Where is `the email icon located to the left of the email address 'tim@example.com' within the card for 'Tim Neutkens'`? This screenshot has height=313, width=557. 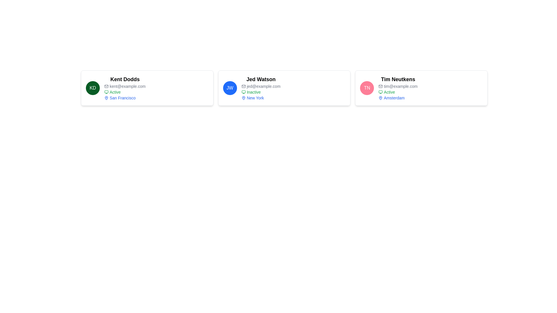 the email icon located to the left of the email address 'tim@example.com' within the card for 'Tim Neutkens' is located at coordinates (381, 86).